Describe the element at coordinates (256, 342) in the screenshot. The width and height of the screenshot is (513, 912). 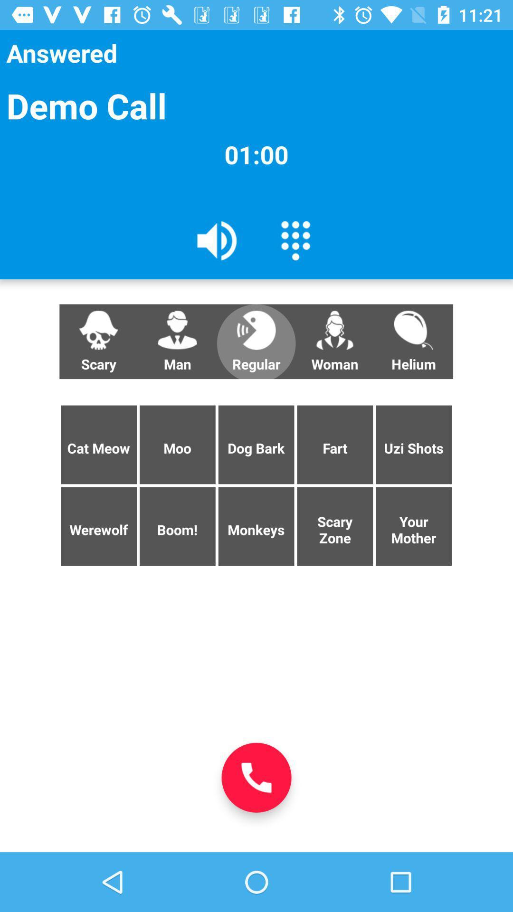
I see `the button next to the woman` at that location.